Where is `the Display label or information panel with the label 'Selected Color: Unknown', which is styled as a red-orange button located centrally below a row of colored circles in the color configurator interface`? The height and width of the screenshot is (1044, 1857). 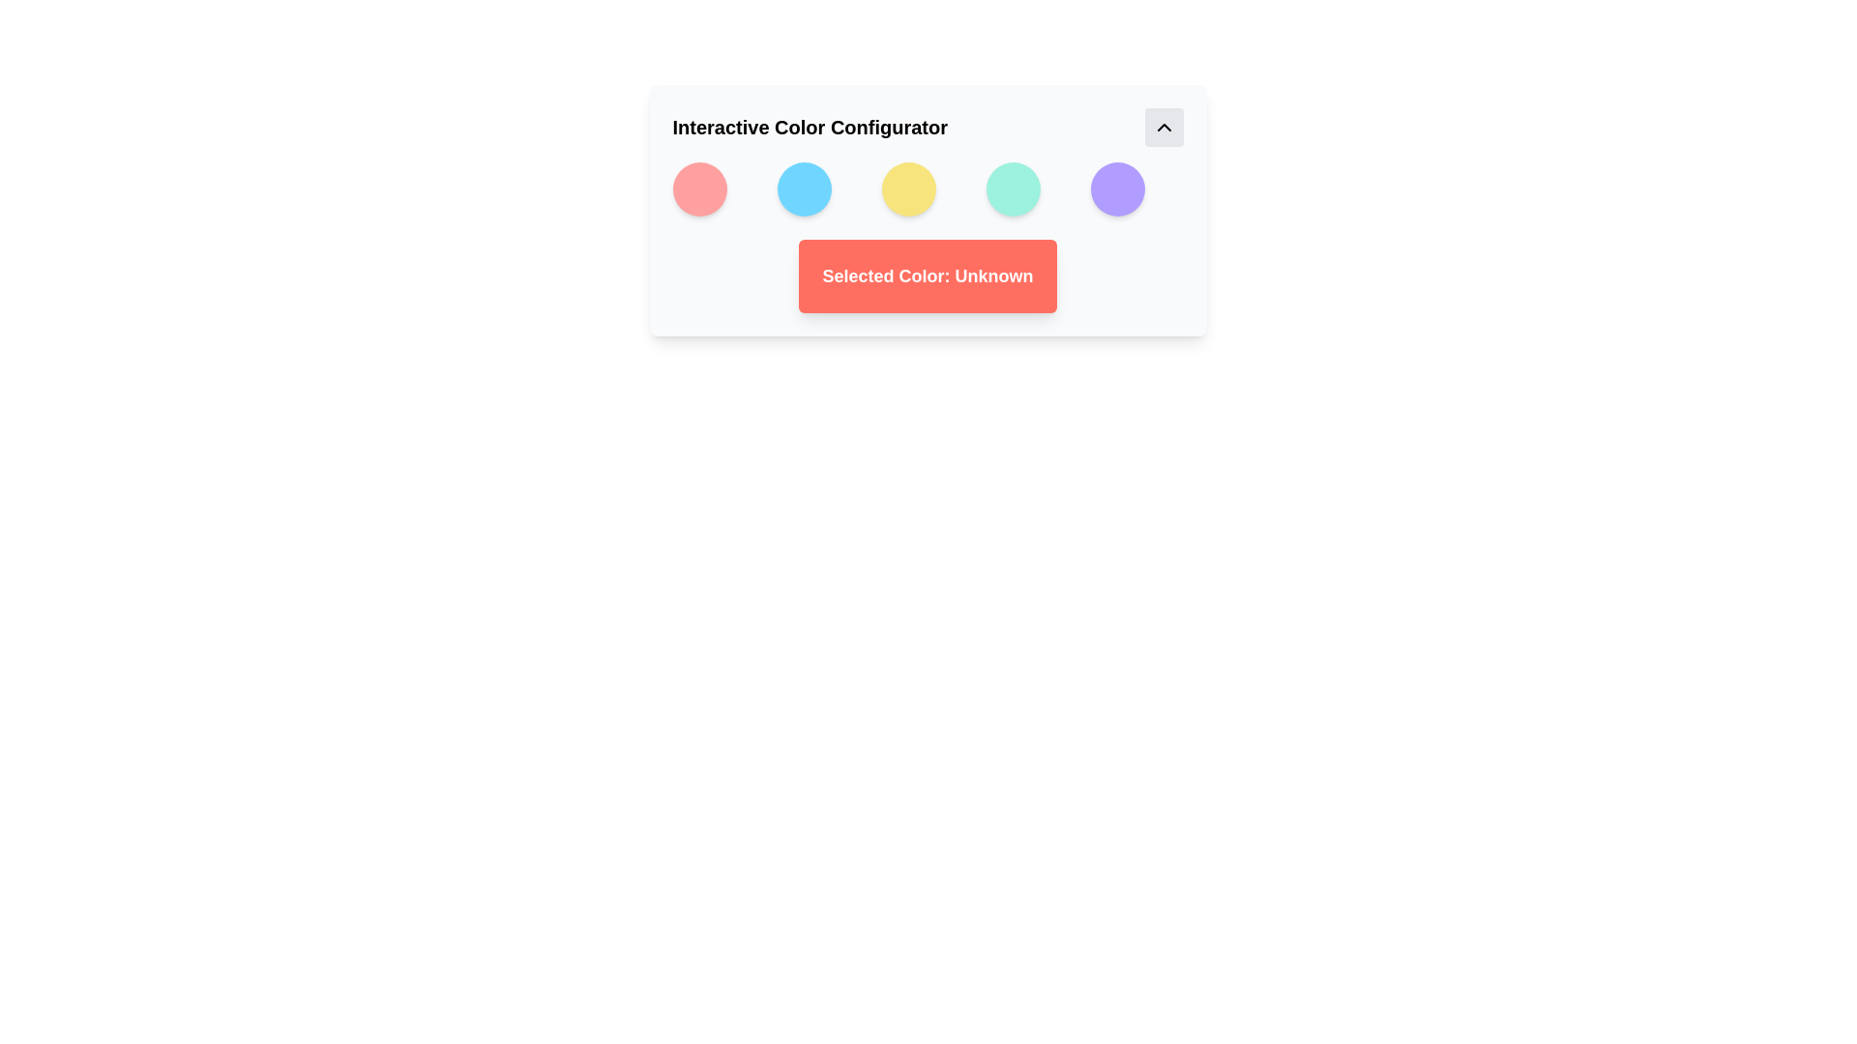 the Display label or information panel with the label 'Selected Color: Unknown', which is styled as a red-orange button located centrally below a row of colored circles in the color configurator interface is located at coordinates (927, 275).